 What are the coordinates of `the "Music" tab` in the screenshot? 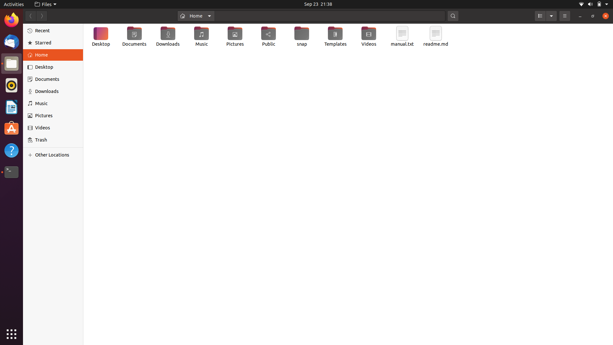 It's located at (54, 103).